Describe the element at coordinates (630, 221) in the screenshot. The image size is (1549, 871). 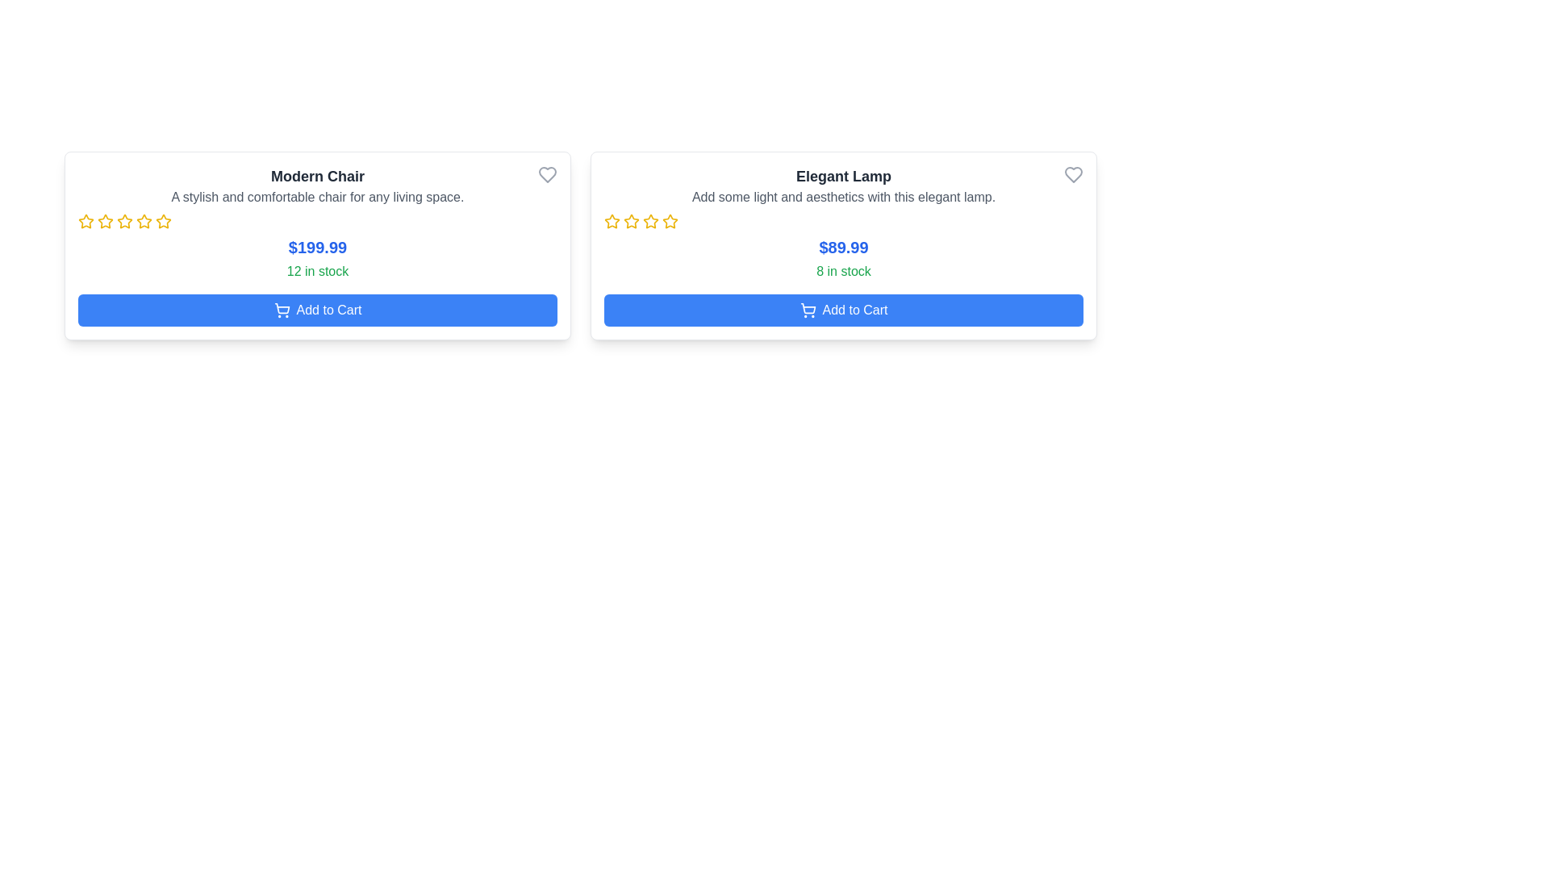
I see `the third star icon in the rating component for the 'Elegant Lamp' product listing, which visually represents a selected rating` at that location.